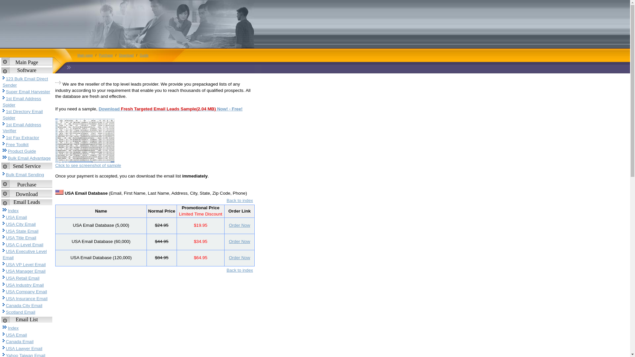 The width and height of the screenshot is (635, 357). What do you see at coordinates (29, 158) in the screenshot?
I see `'Bulk Email Advantage'` at bounding box center [29, 158].